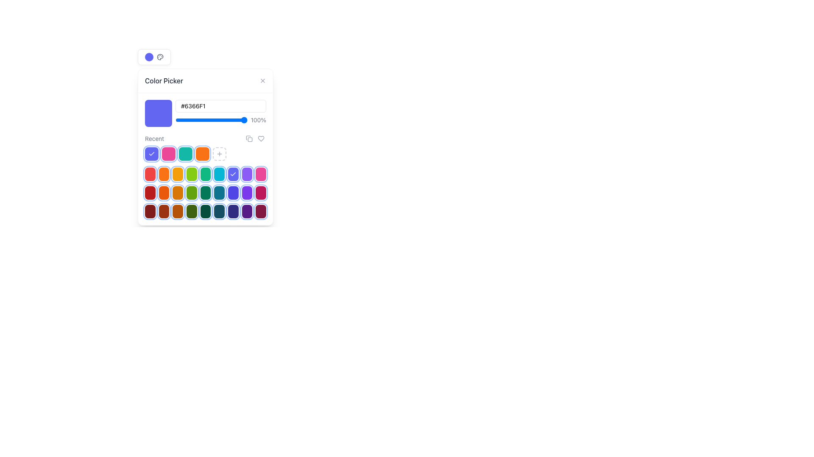  What do you see at coordinates (205, 193) in the screenshot?
I see `the fifth color block in the interactive color selection grid row` at bounding box center [205, 193].